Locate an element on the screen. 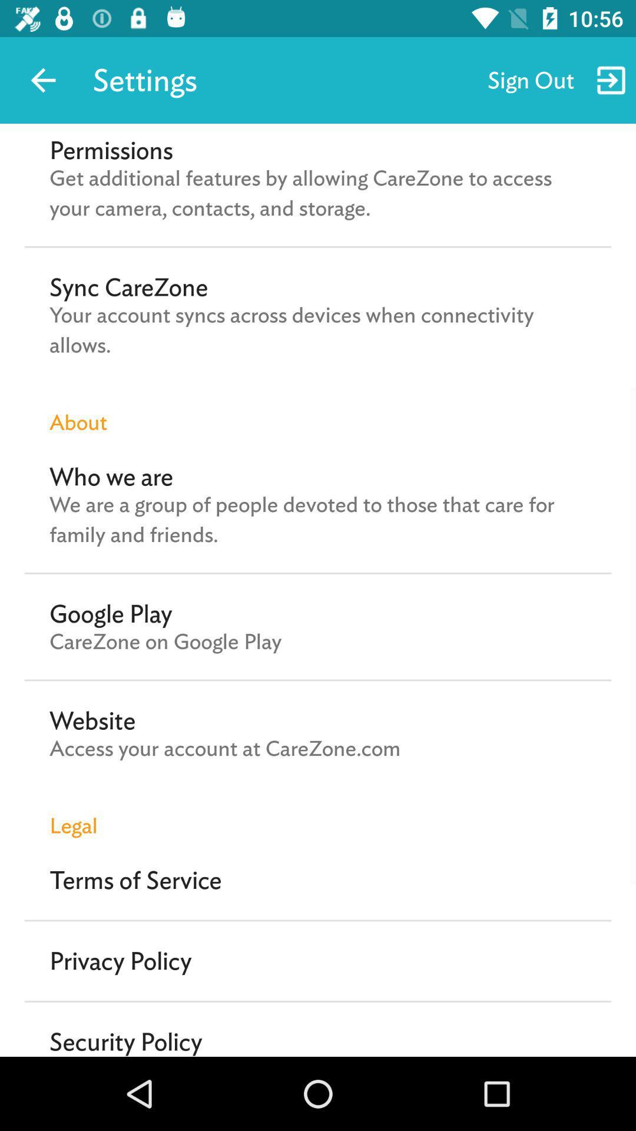 This screenshot has width=636, height=1131. the privacy policy item is located at coordinates (120, 961).